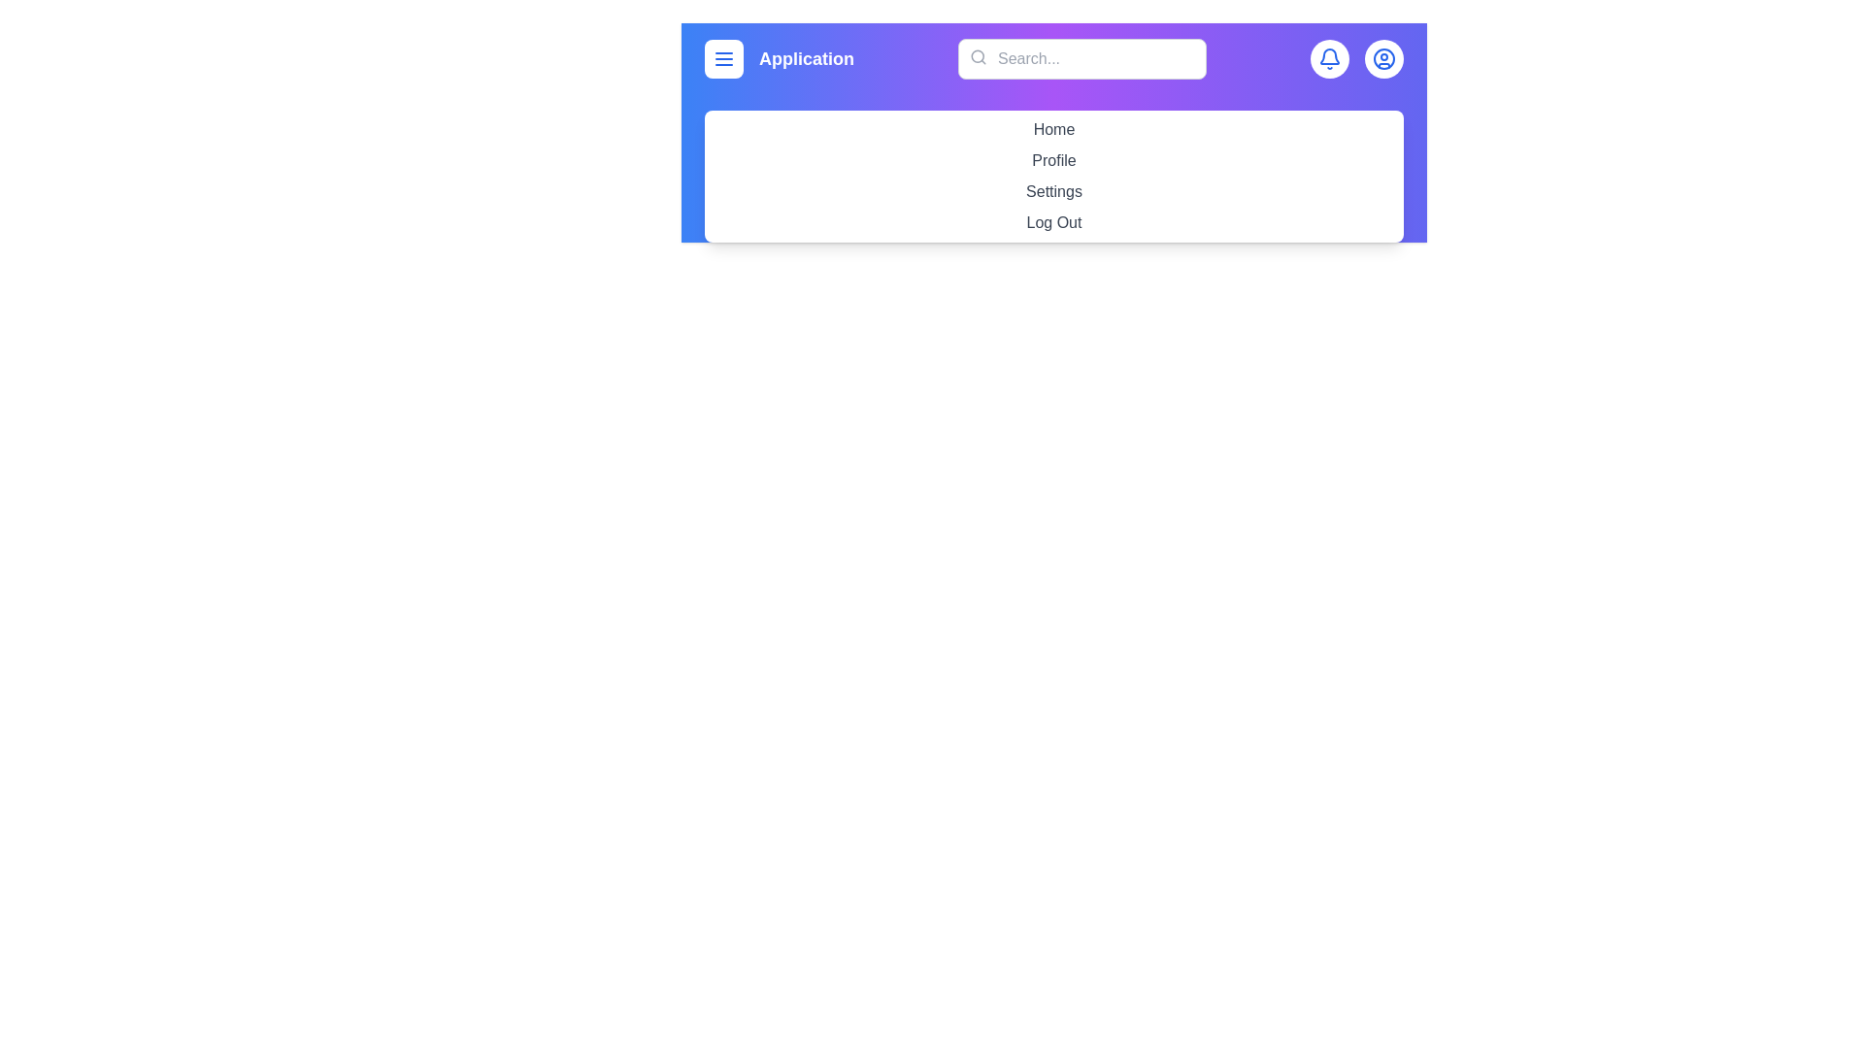  What do you see at coordinates (1052, 191) in the screenshot?
I see `the menu item labeled Settings to navigate to its respective section` at bounding box center [1052, 191].